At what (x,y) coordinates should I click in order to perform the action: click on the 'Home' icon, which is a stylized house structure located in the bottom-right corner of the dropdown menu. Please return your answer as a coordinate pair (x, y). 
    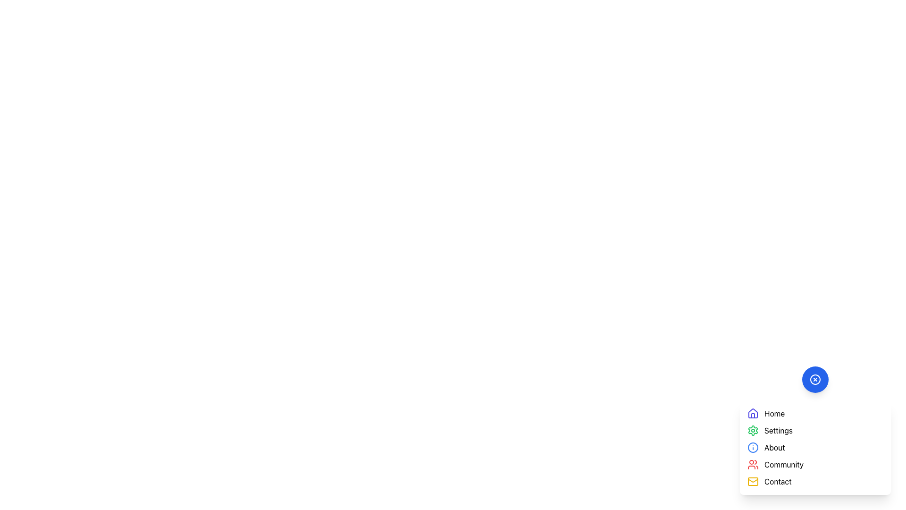
    Looking at the image, I should click on (753, 413).